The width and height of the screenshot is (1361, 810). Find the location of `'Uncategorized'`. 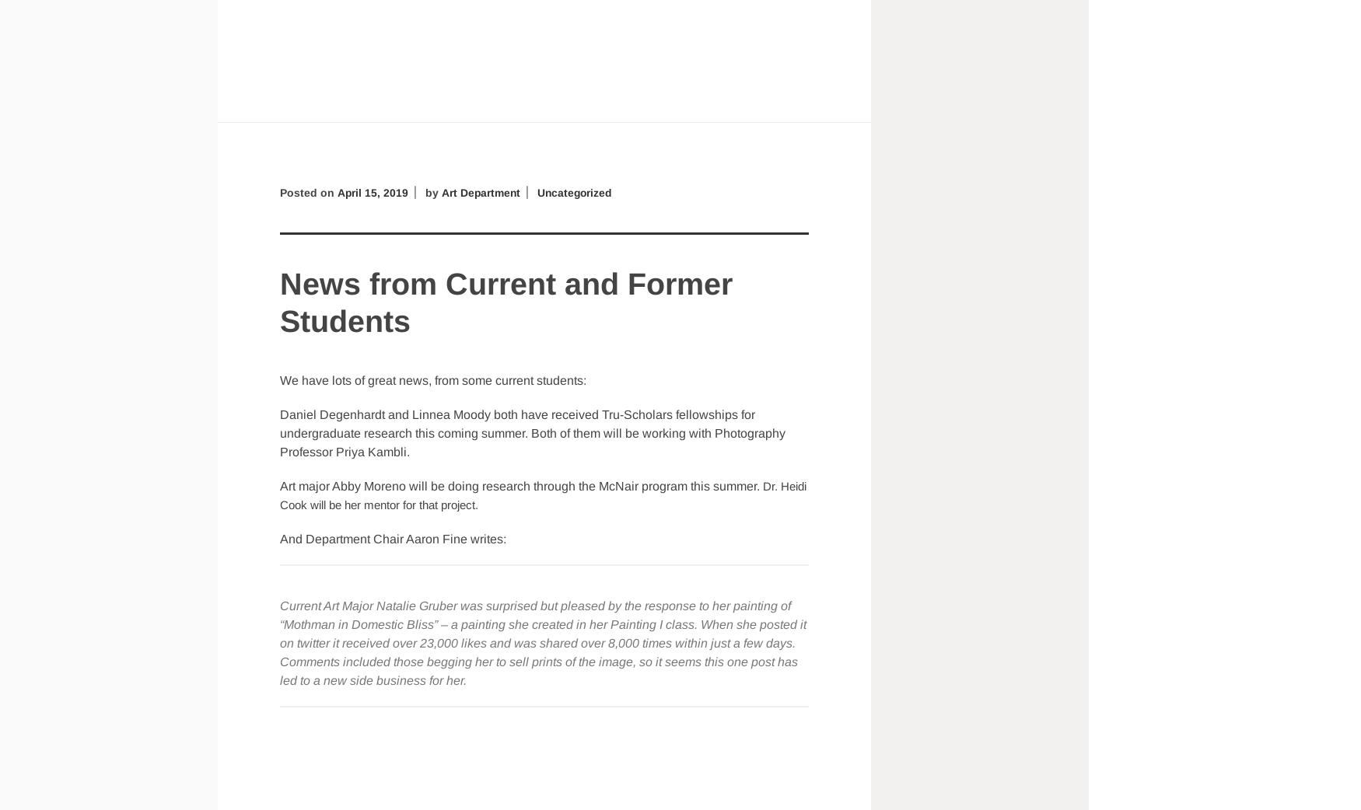

'Uncategorized' is located at coordinates (576, 190).